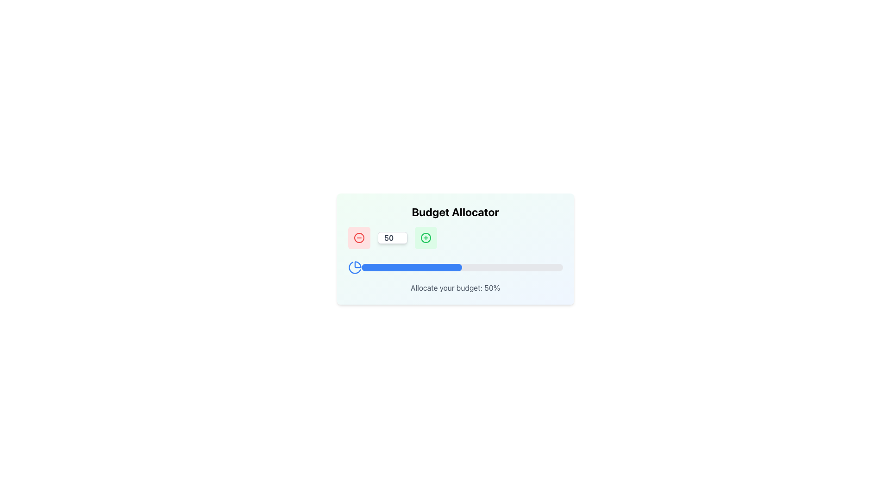 Image resolution: width=889 pixels, height=500 pixels. Describe the element at coordinates (462, 268) in the screenshot. I see `the progress bar that visually represents the current allocation of a budget, located centrally below the title 'Budget Allocator'` at that location.